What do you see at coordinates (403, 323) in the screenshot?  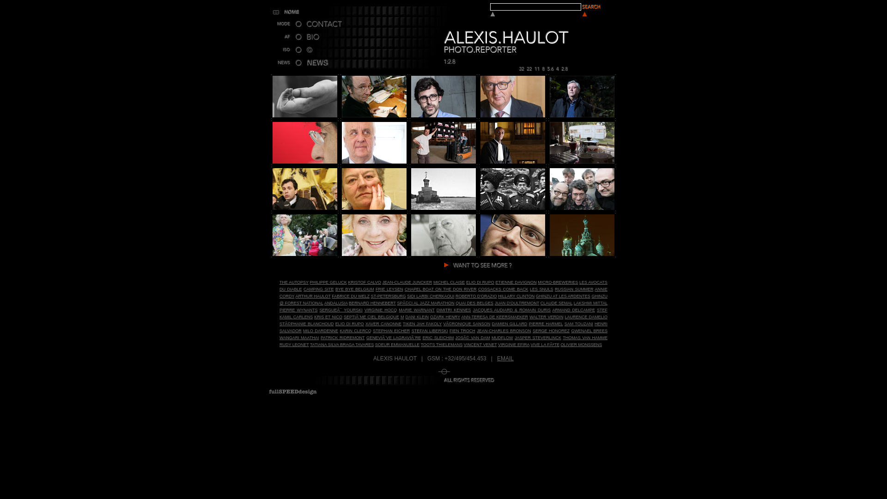 I see `'TIKEN JAH FAKOLY'` at bounding box center [403, 323].